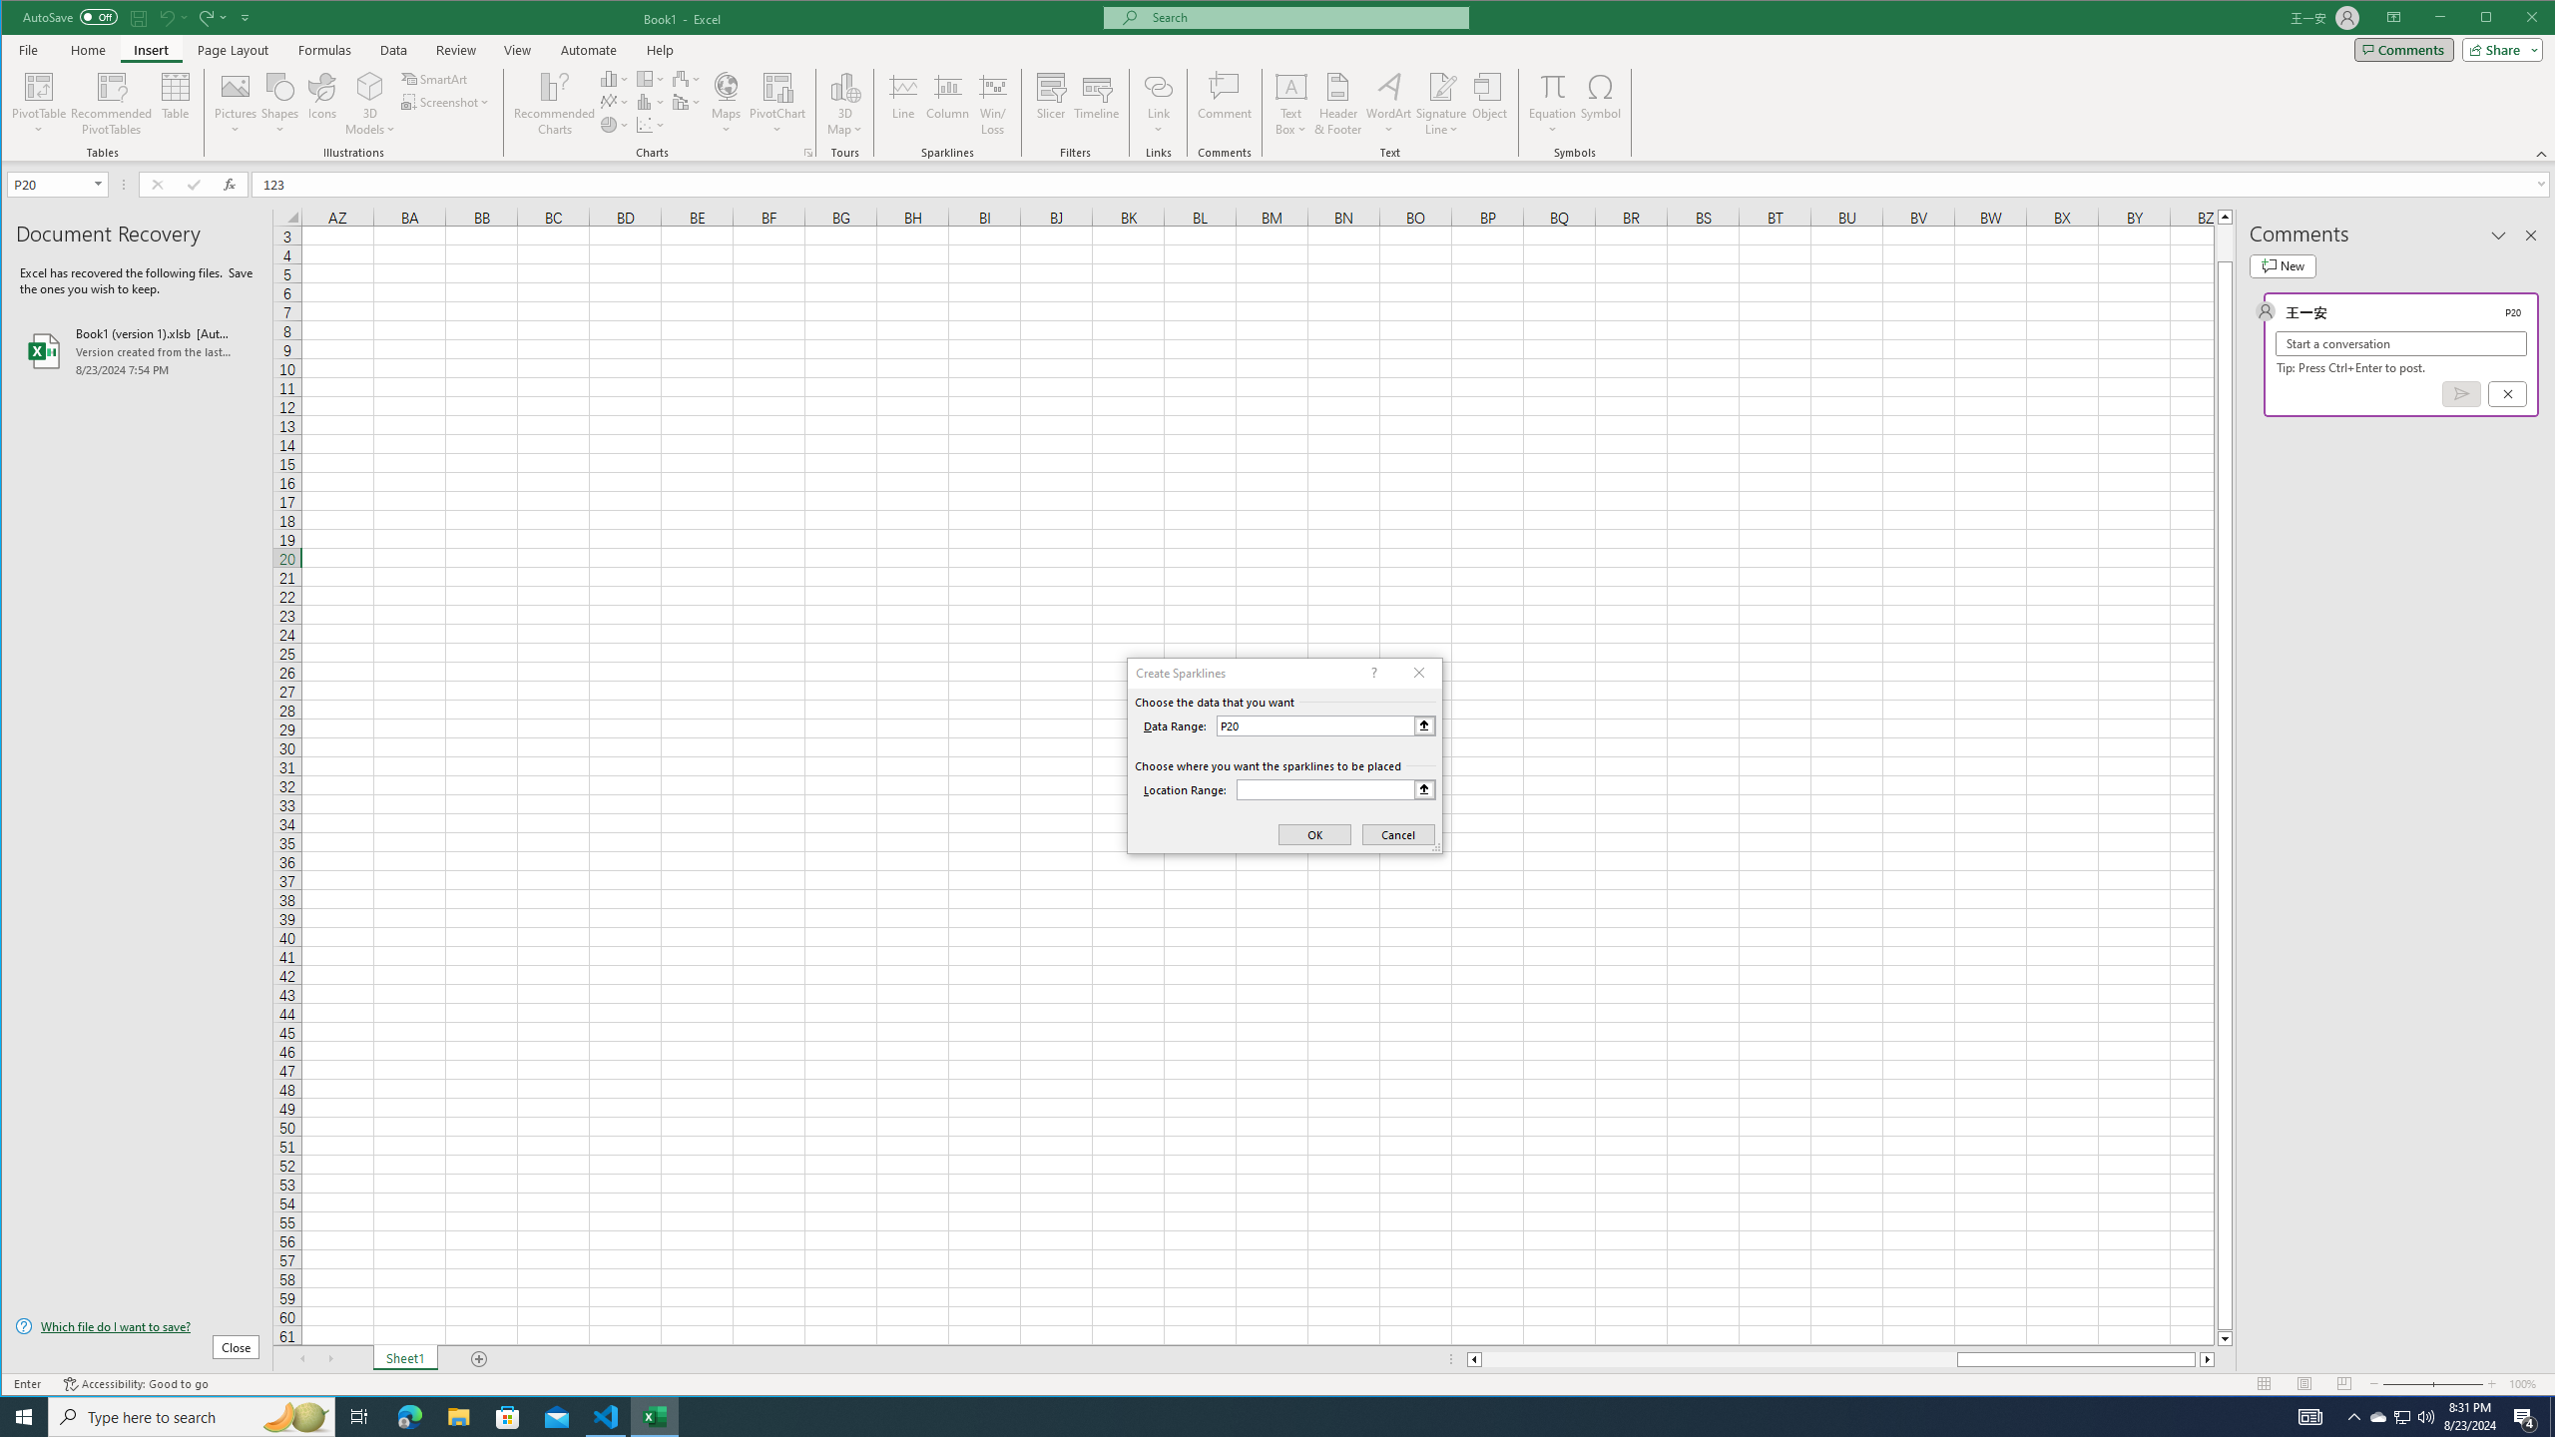  I want to click on 'Equation', so click(1553, 103).